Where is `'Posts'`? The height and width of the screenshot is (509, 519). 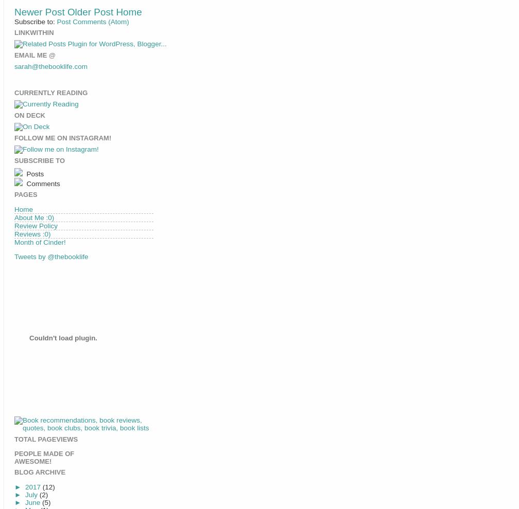 'Posts' is located at coordinates (34, 173).